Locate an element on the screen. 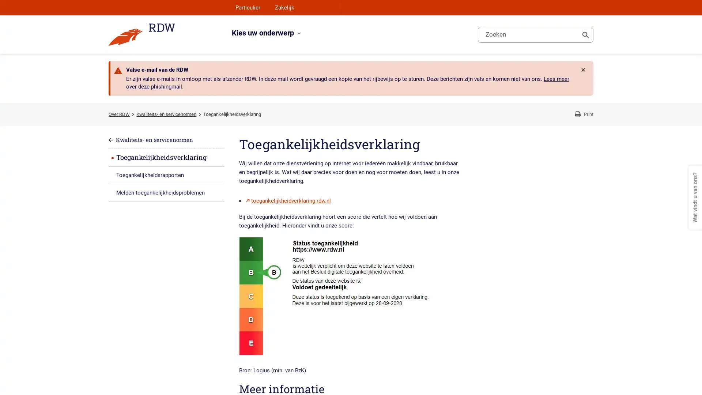 The width and height of the screenshot is (702, 395). Print is located at coordinates (584, 114).